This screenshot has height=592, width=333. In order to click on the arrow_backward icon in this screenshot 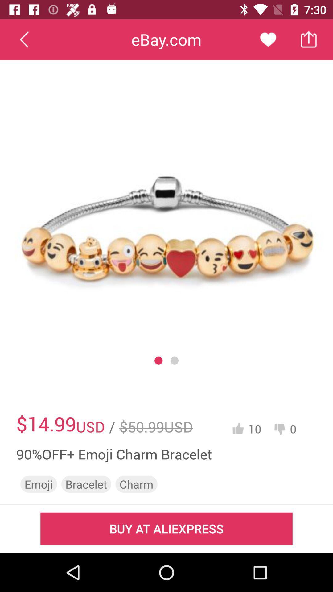, I will do `click(24, 39)`.